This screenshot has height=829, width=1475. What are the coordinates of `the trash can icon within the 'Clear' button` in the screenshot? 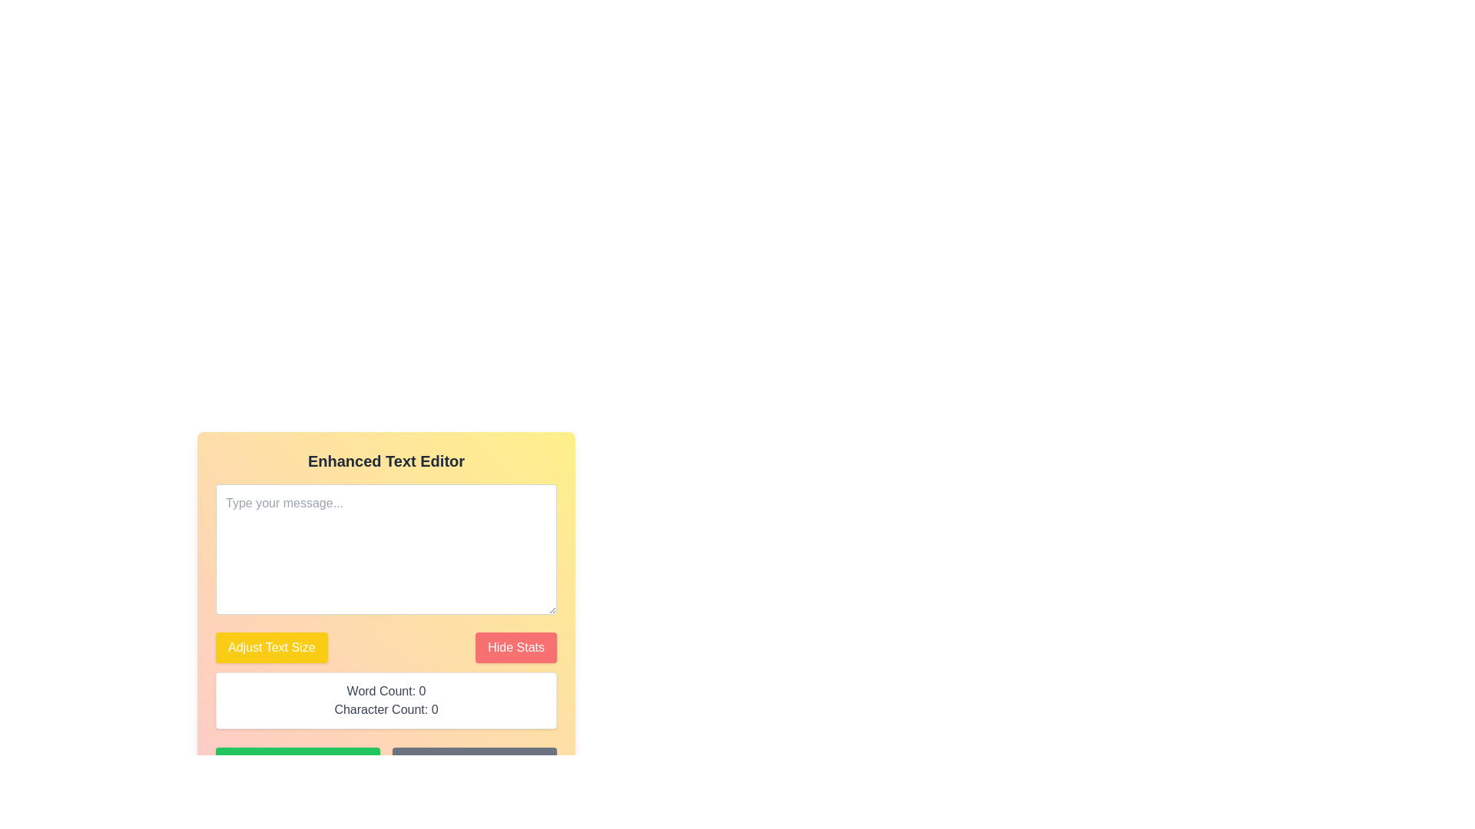 It's located at (456, 763).